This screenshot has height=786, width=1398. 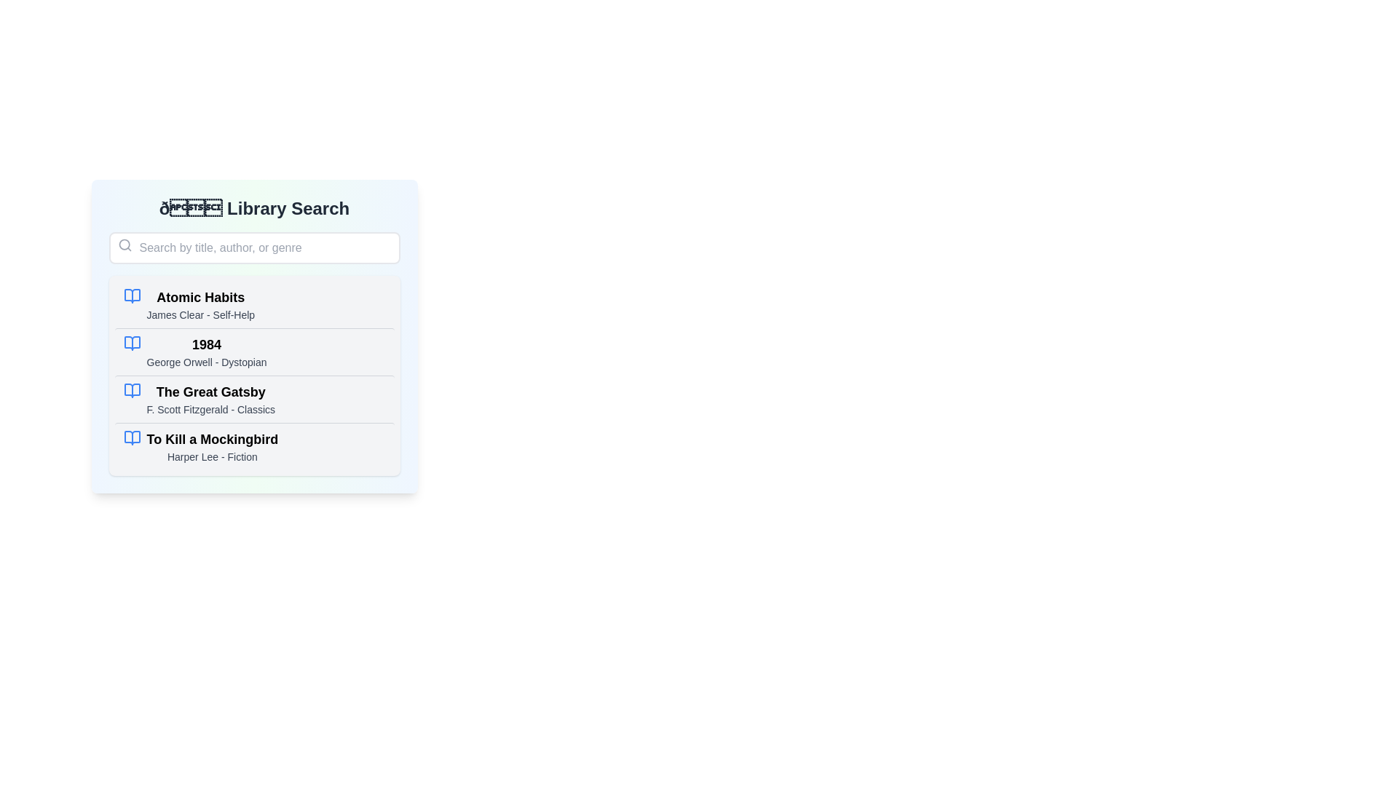 What do you see at coordinates (205, 345) in the screenshot?
I see `the text label displaying the title '1984' in the library search result layout` at bounding box center [205, 345].